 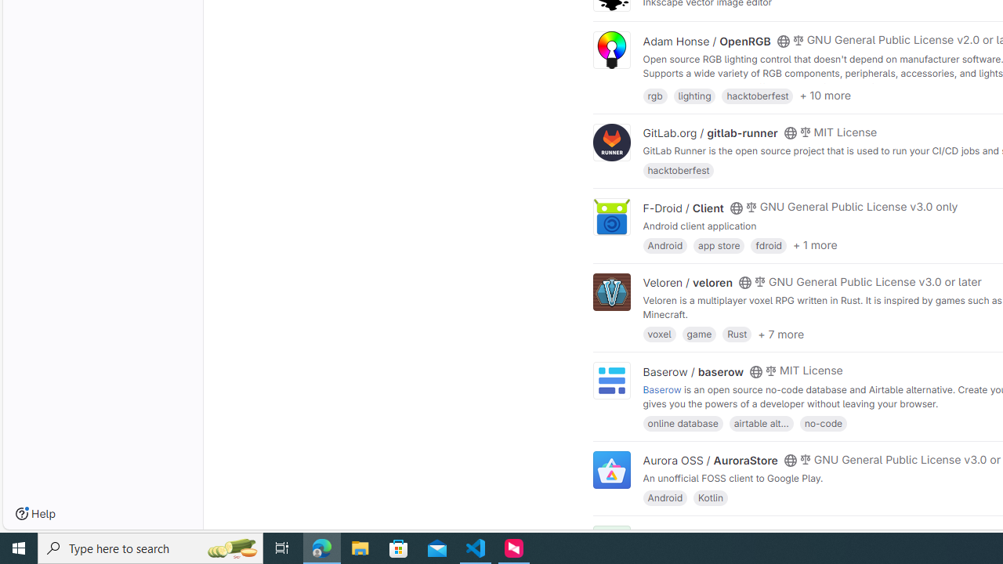 What do you see at coordinates (710, 497) in the screenshot?
I see `'Kotlin'` at bounding box center [710, 497].